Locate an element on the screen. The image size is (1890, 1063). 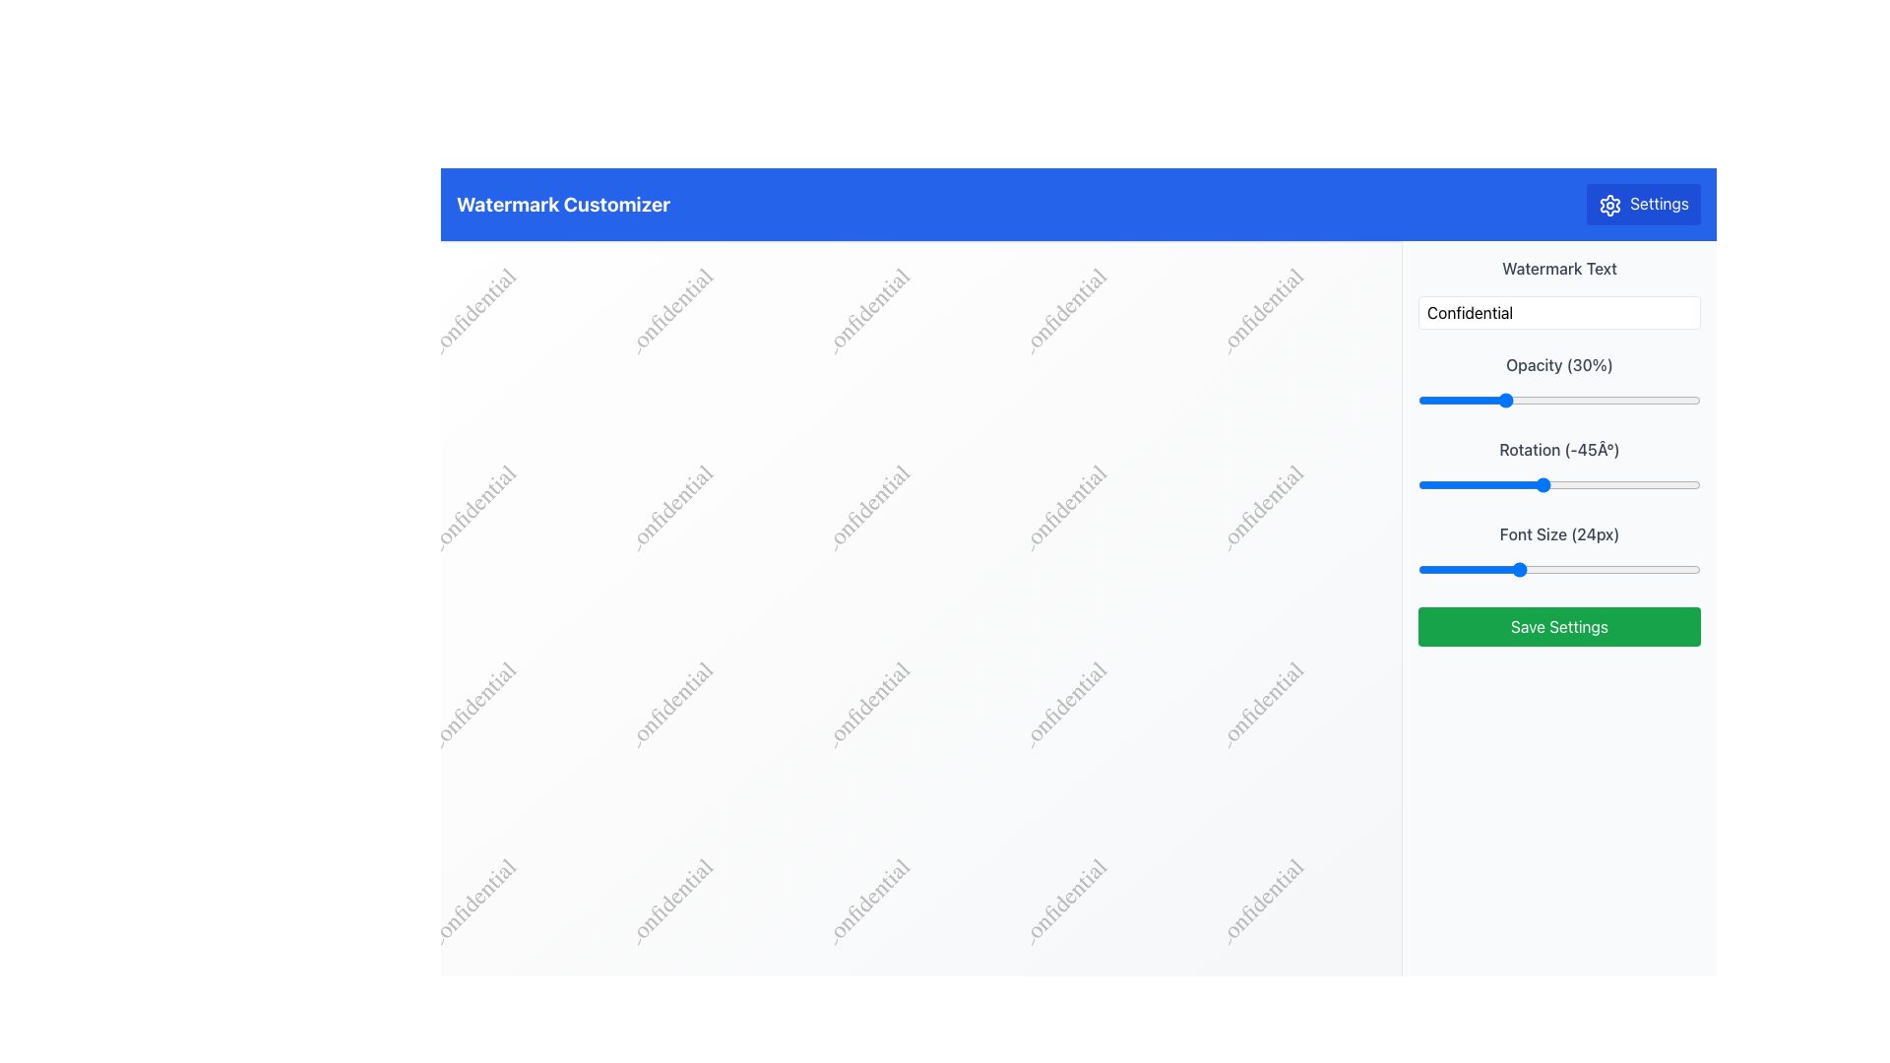
the font size slider is located at coordinates (1446, 569).